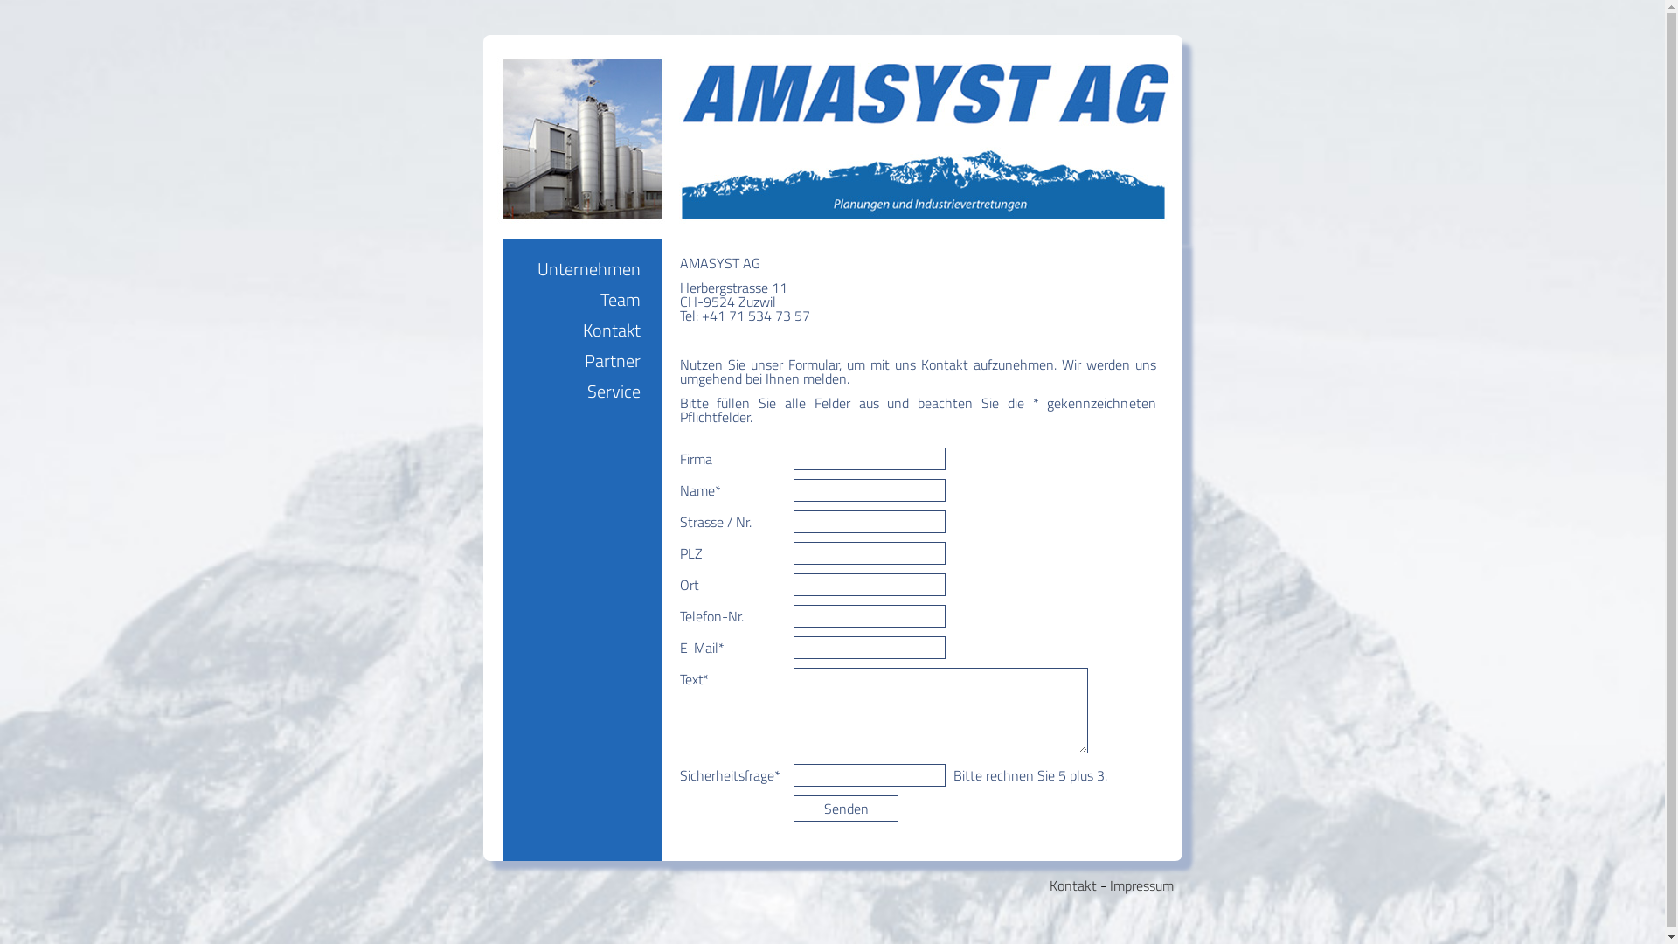 Image resolution: width=1678 pixels, height=944 pixels. I want to click on 'Partner', so click(612, 359).